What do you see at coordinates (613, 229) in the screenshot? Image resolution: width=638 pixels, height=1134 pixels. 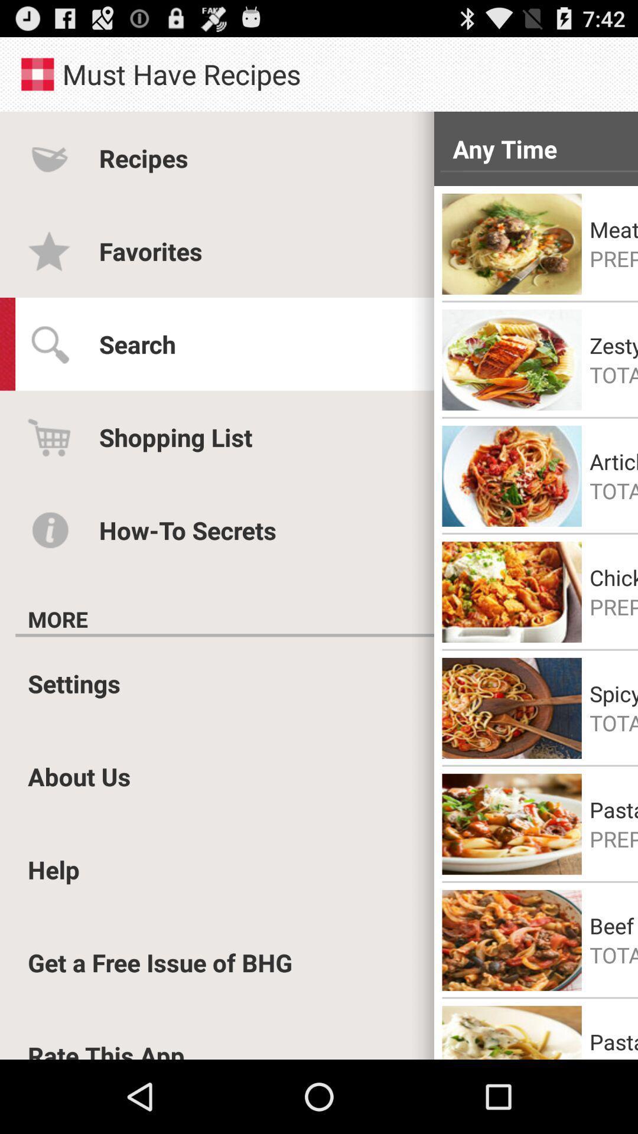 I see `item above the prep 40 min item` at bounding box center [613, 229].